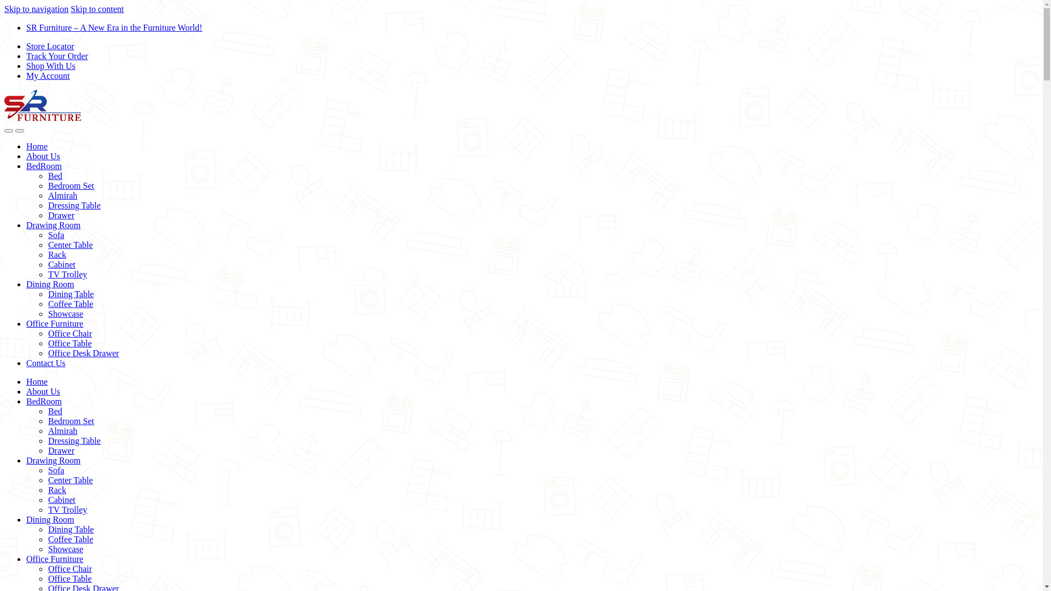 The image size is (1051, 591). Describe the element at coordinates (60, 215) in the screenshot. I see `'Drawer'` at that location.